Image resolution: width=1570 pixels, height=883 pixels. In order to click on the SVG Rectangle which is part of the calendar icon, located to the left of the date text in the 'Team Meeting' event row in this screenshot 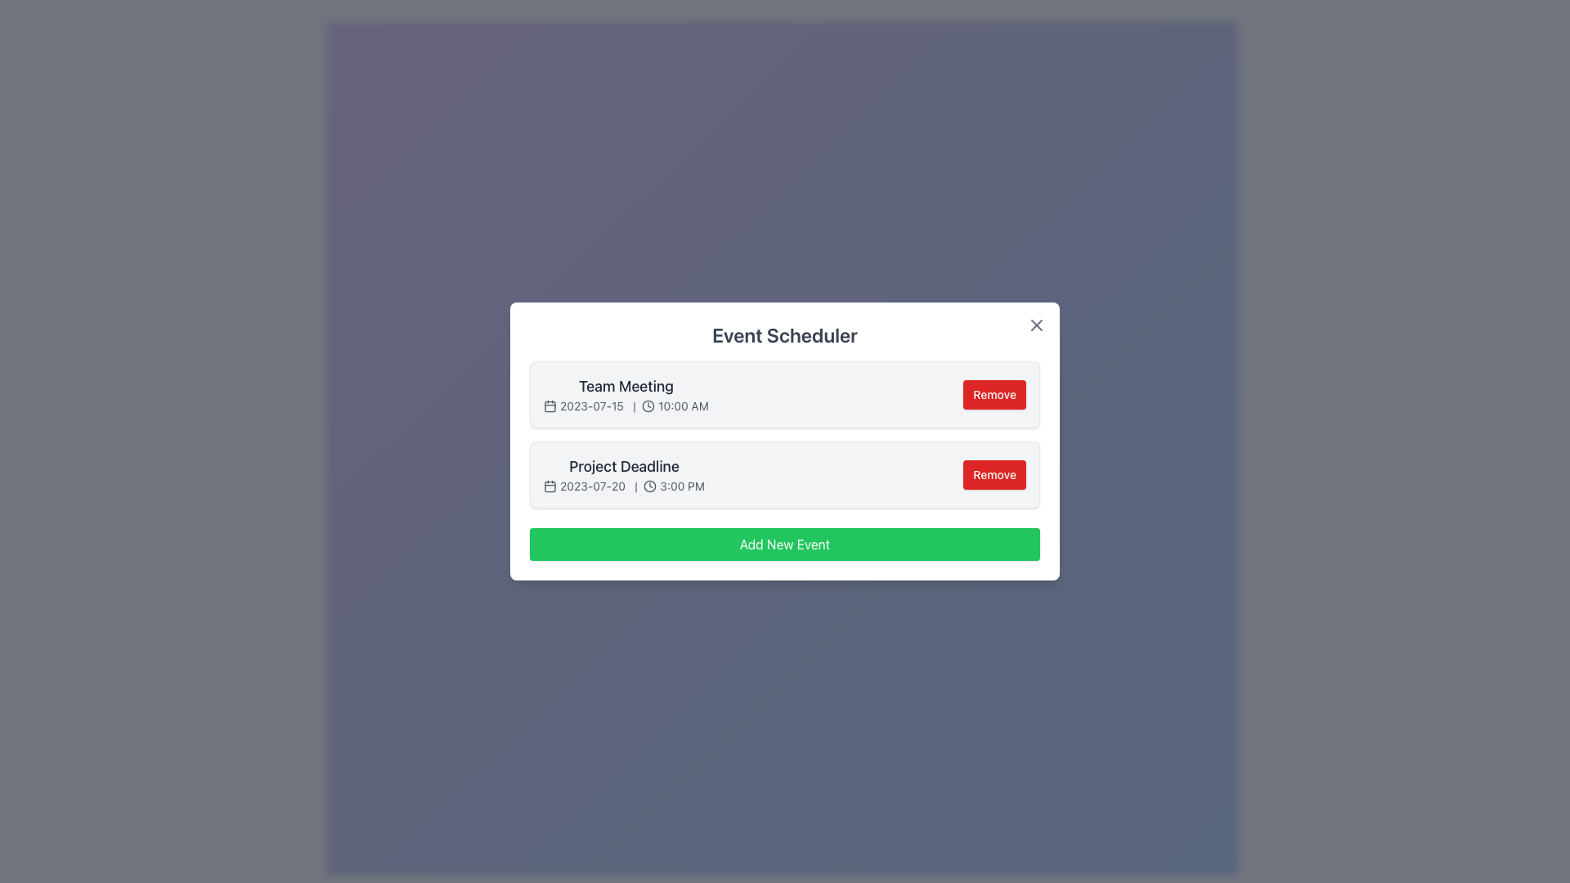, I will do `click(549, 406)`.